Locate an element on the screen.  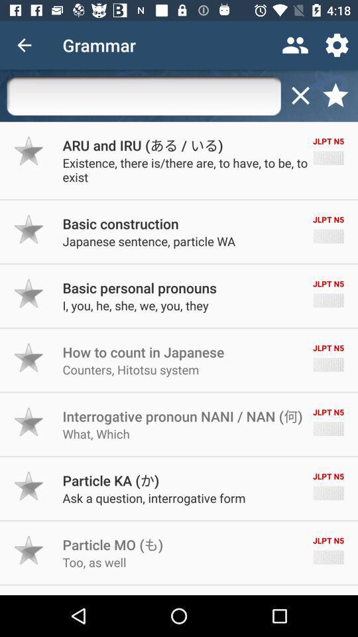
rate option is located at coordinates (29, 357).